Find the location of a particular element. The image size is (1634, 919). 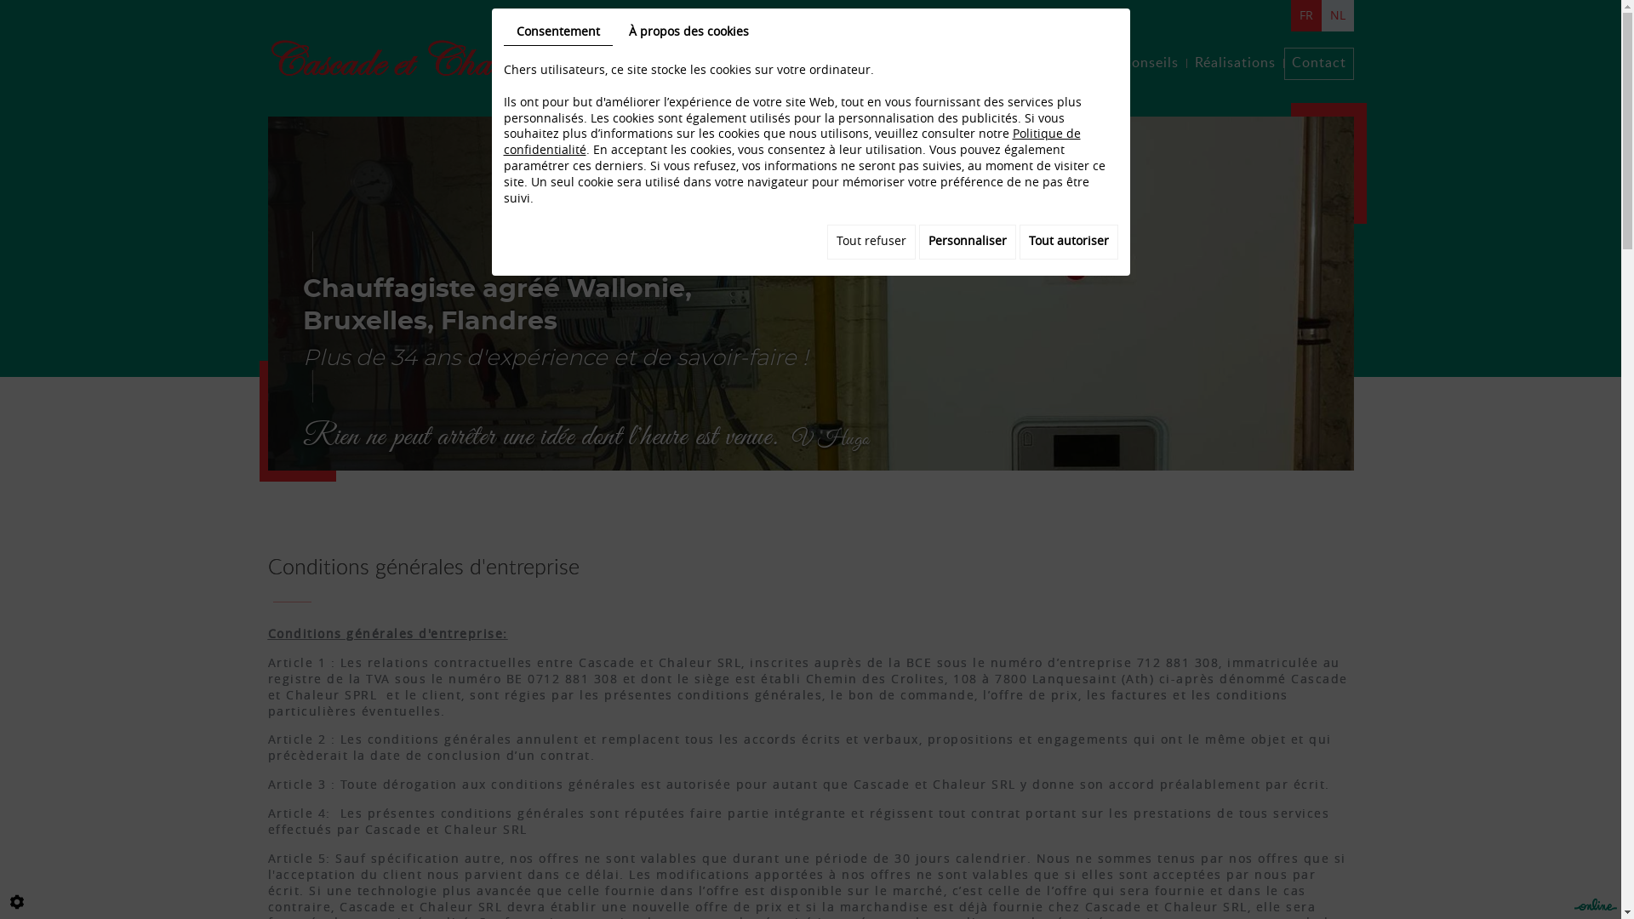

'Tout refuser' is located at coordinates (871, 242).